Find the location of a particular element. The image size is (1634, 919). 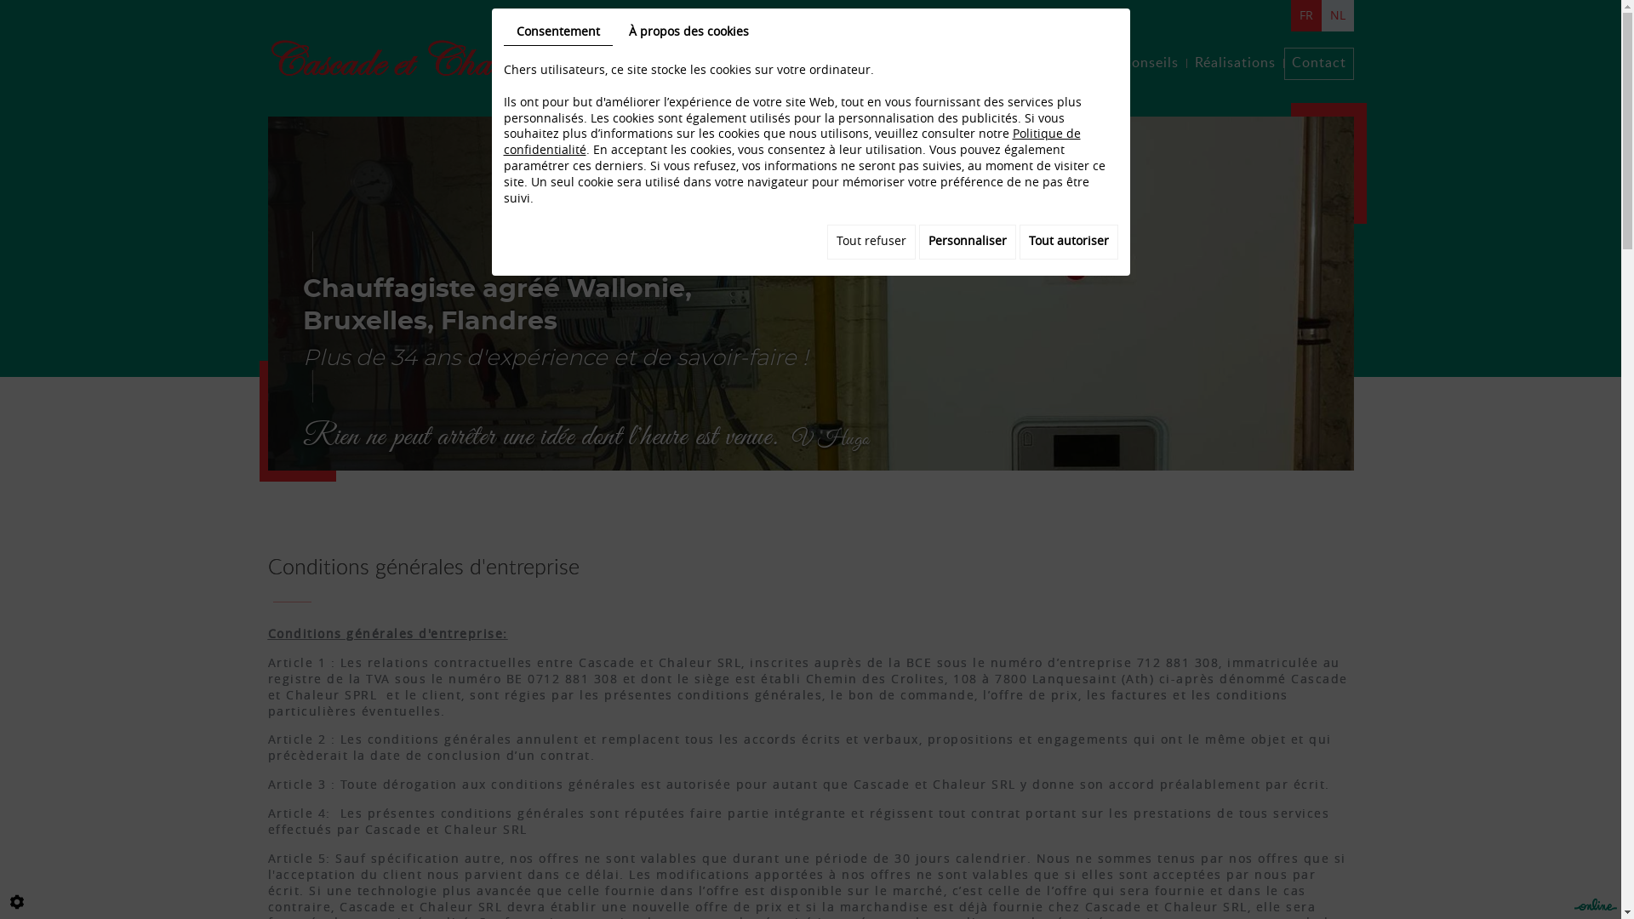

'Tout refuser' is located at coordinates (871, 242).